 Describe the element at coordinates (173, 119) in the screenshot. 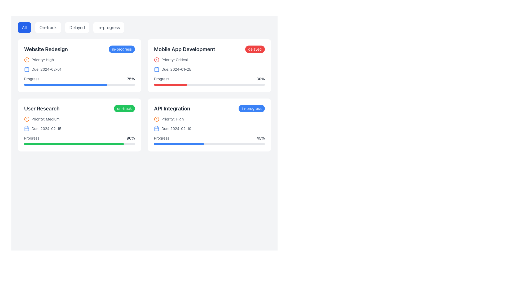

I see `the 'High' priority text label in the 'API Integration' card, which indicates urgency and is located in the bottom-right corner of the task grid, next to an orange circular alert icon` at that location.